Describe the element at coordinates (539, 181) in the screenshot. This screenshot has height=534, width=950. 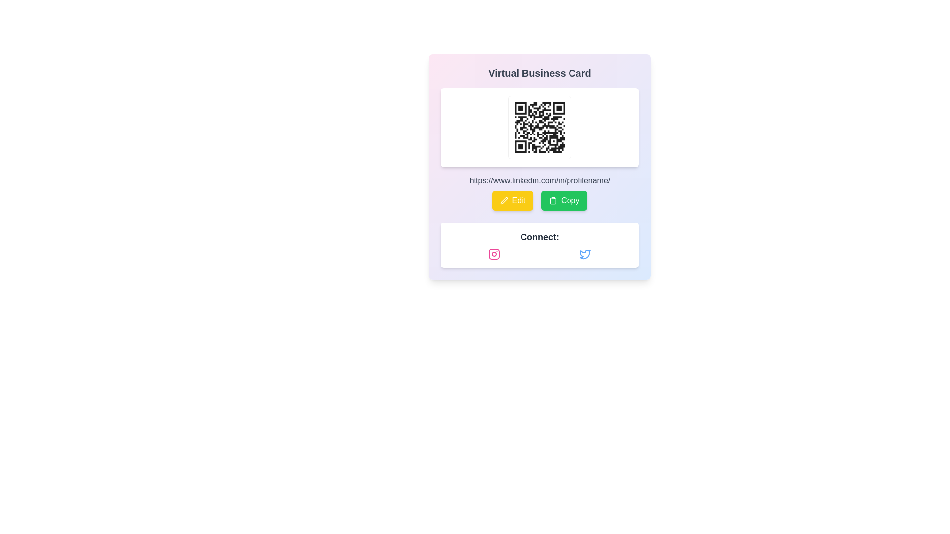
I see `the hyperlink displaying the URL 'https://www.linkedin.com/in/profilename/' which is centered below the QR code in the virtual business card interface` at that location.